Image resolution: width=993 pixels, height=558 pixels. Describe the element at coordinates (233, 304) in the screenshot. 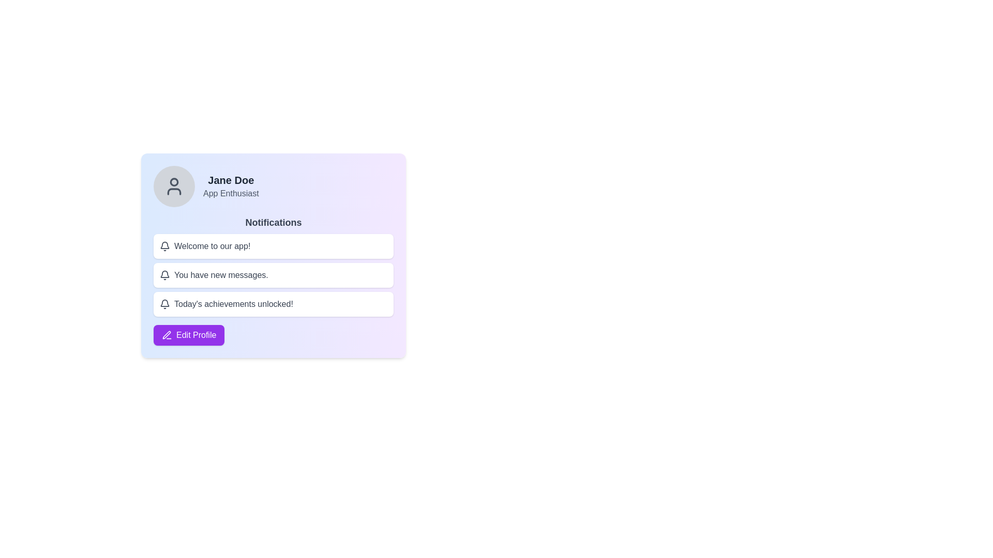

I see `the text label displaying the message "Today's achievements unlocked!" which is styled in gray and located near the bell icon for notifications` at that location.